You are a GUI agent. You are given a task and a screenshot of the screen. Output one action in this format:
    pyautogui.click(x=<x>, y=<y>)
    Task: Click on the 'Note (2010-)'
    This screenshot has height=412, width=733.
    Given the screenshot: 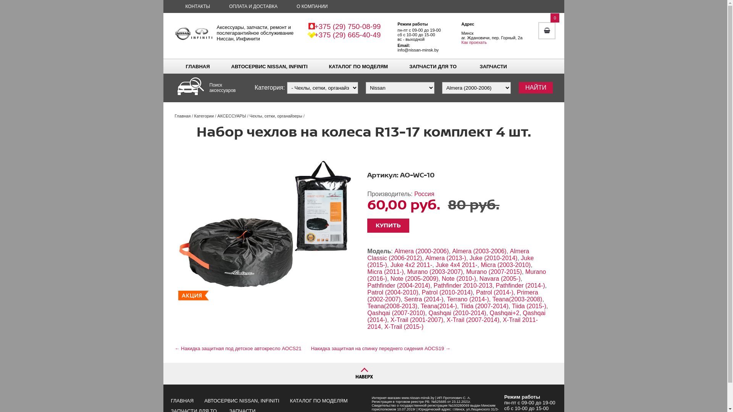 What is the action you would take?
    pyautogui.click(x=458, y=278)
    